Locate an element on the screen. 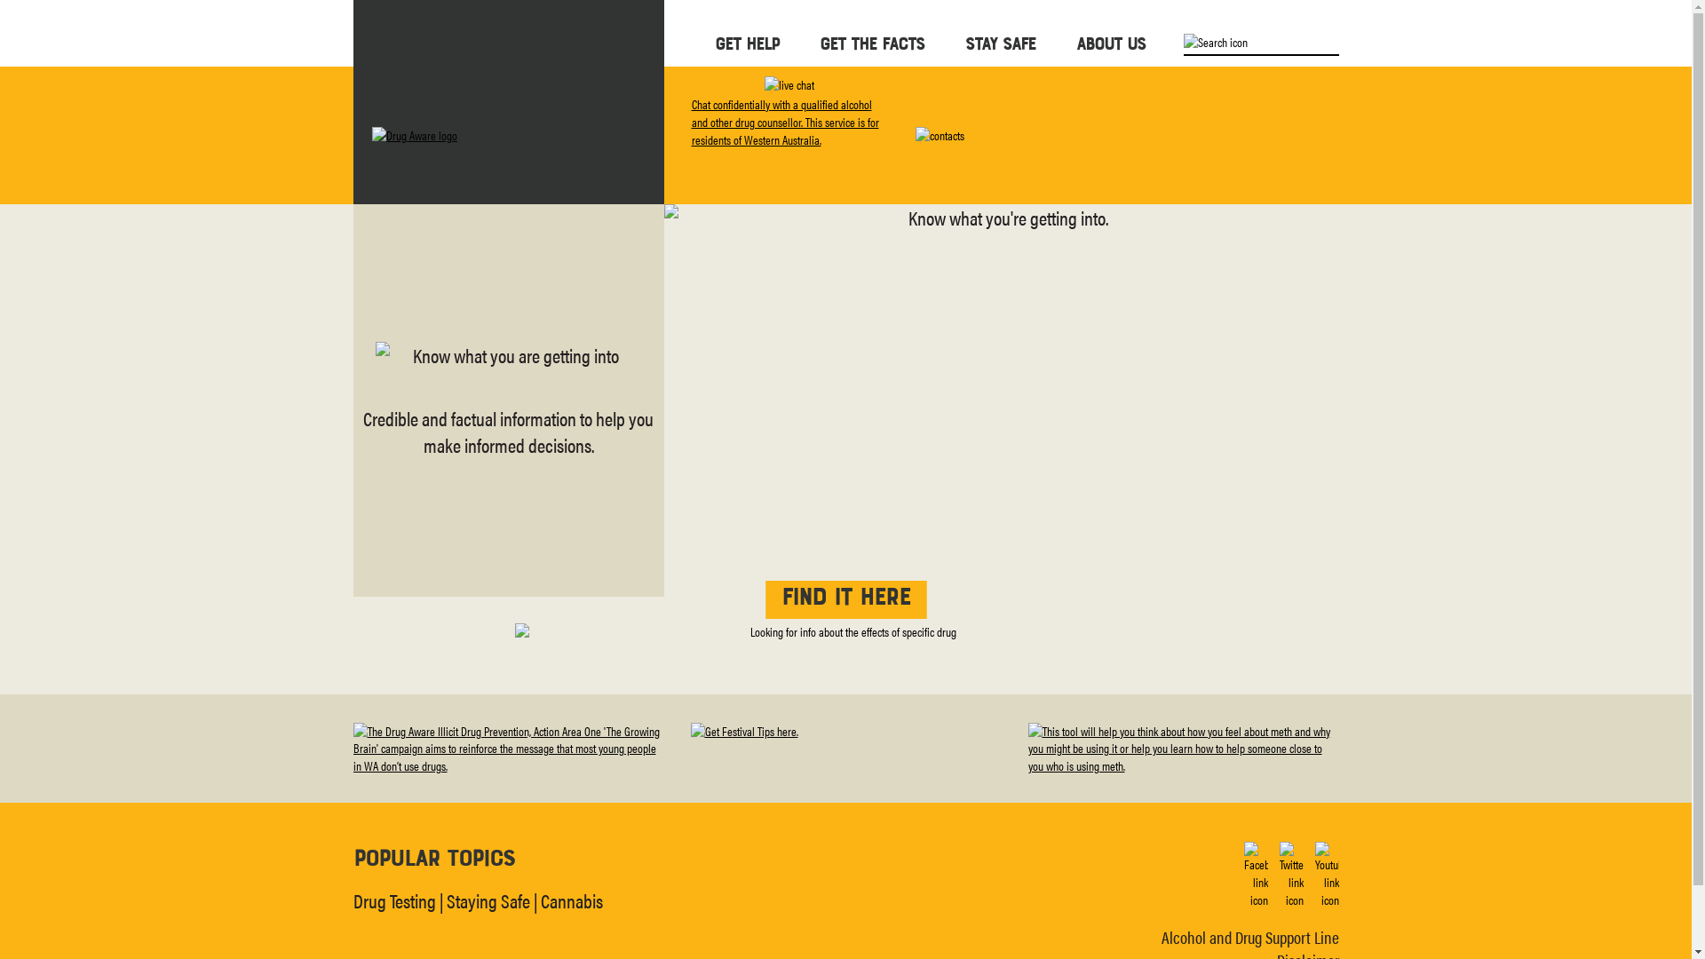 The width and height of the screenshot is (1705, 959). 'GET THE FACTS' is located at coordinates (870, 42).